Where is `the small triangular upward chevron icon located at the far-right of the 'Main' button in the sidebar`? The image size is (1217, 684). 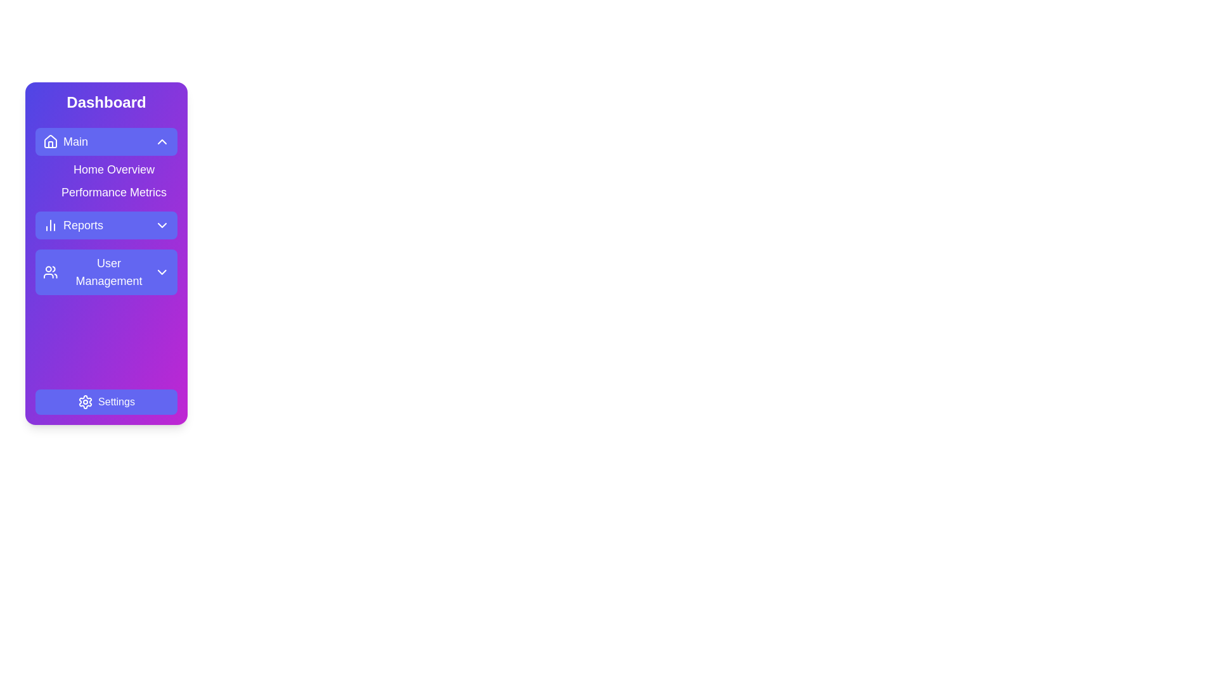
the small triangular upward chevron icon located at the far-right of the 'Main' button in the sidebar is located at coordinates (161, 141).